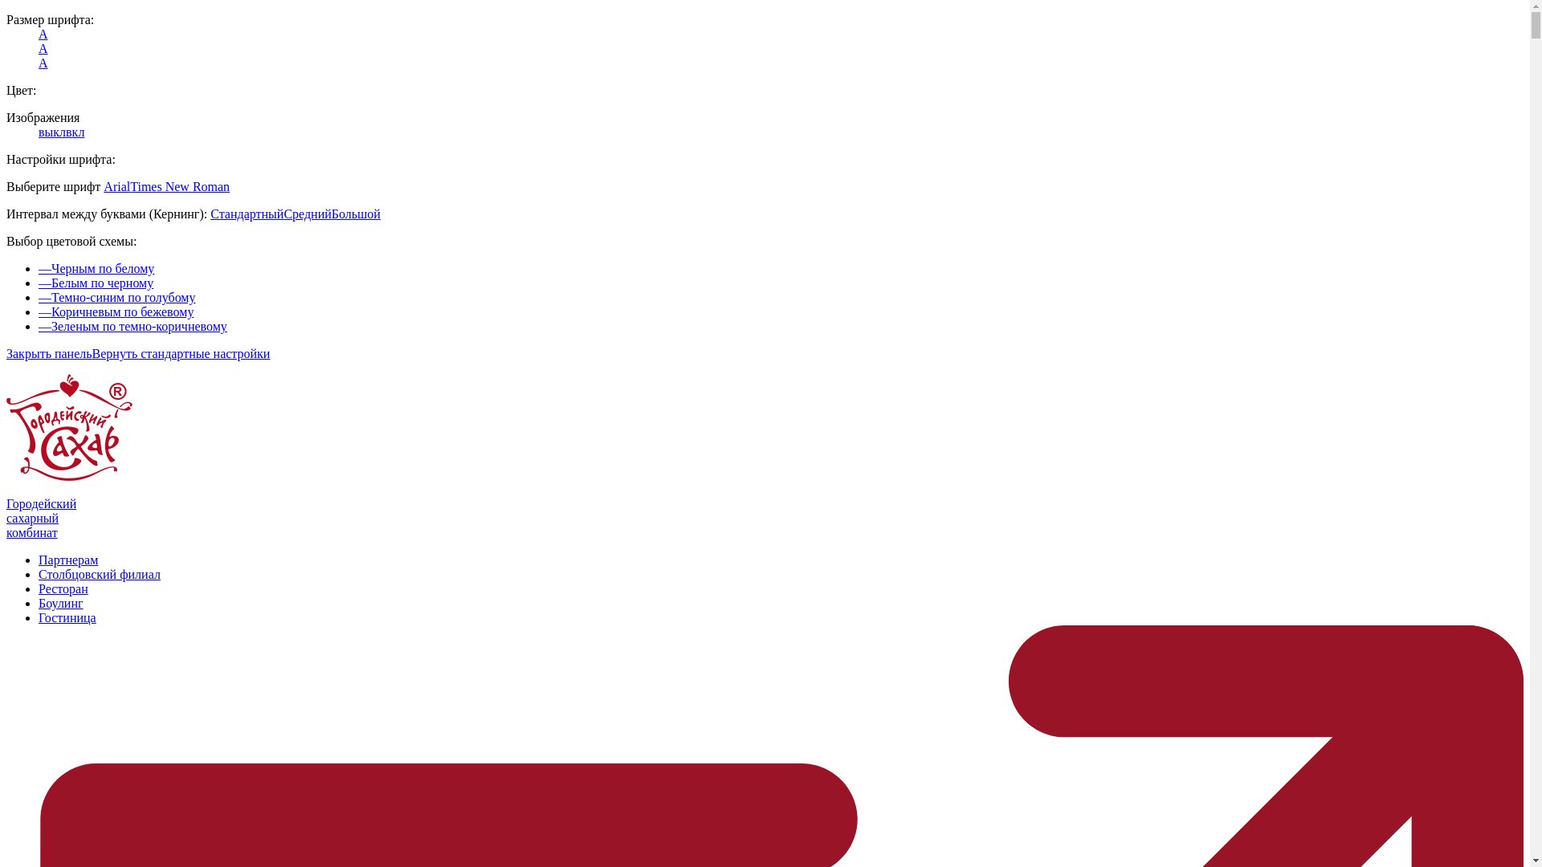 The width and height of the screenshot is (1542, 867). I want to click on 'Times New Roman', so click(180, 185).